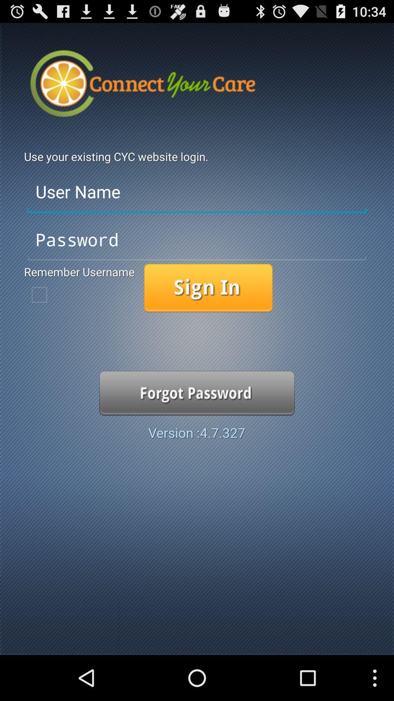 Image resolution: width=394 pixels, height=701 pixels. I want to click on item below the remember username, so click(39, 295).